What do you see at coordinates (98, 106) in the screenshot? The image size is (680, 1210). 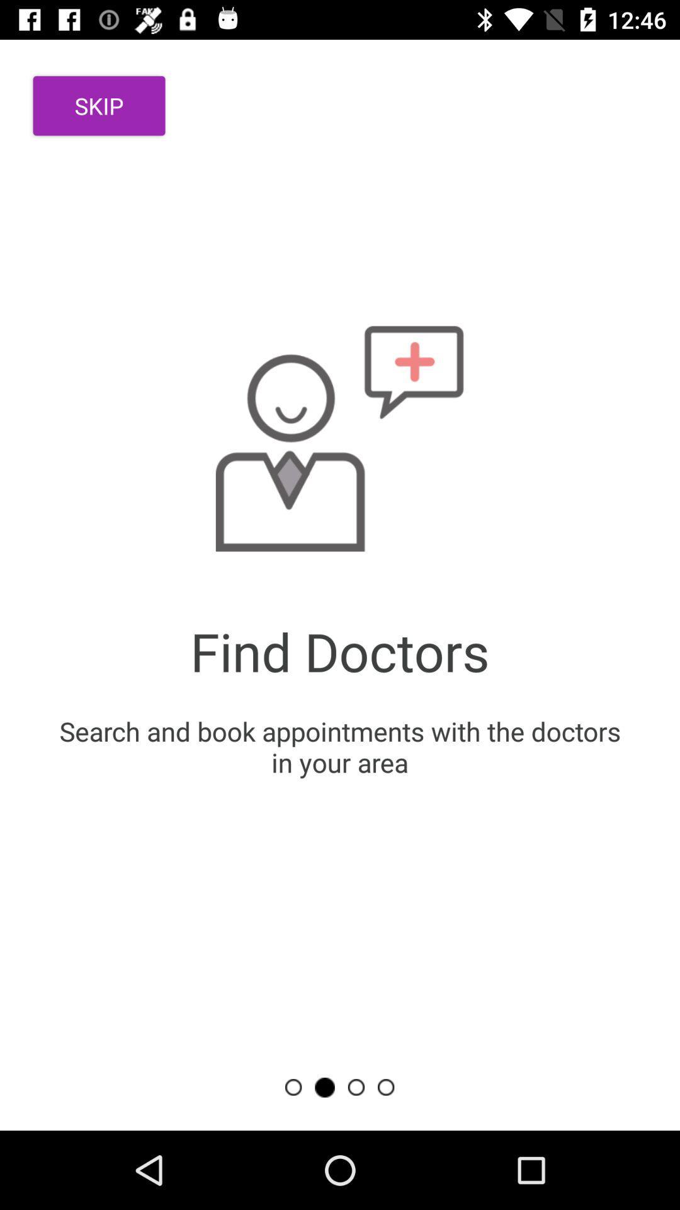 I see `the item at the top left corner` at bounding box center [98, 106].